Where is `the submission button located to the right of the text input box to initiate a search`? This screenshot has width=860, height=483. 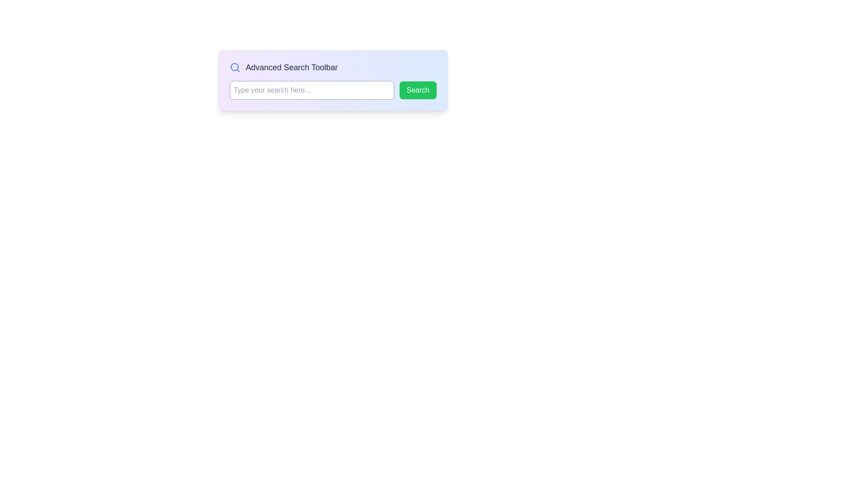 the submission button located to the right of the text input box to initiate a search is located at coordinates (417, 90).